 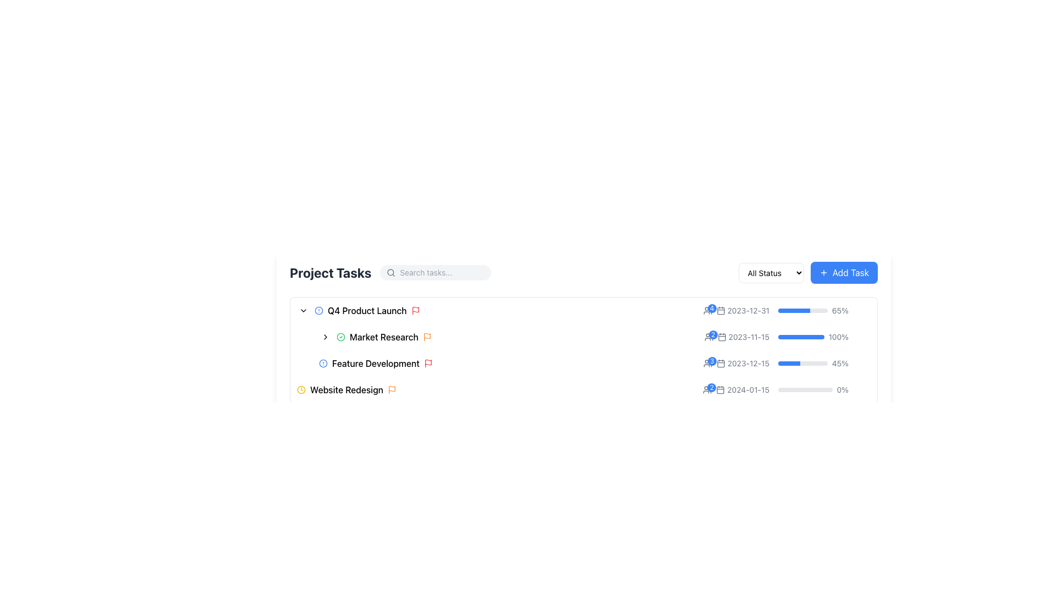 I want to click on the blue progress bar fill component representing 65% progress for the task labeled '2023-12-31', located in the third column of the task row, so click(x=794, y=310).